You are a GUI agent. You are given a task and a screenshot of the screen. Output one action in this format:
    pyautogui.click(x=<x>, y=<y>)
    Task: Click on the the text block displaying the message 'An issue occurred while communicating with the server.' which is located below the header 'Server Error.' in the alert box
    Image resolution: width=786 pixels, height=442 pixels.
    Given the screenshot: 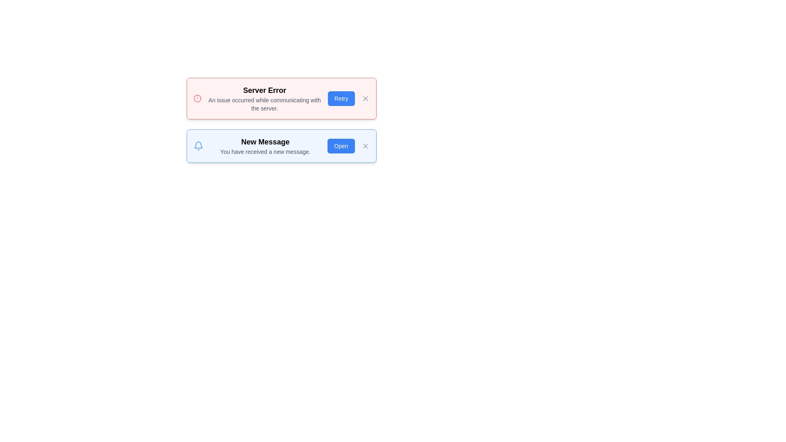 What is the action you would take?
    pyautogui.click(x=264, y=104)
    